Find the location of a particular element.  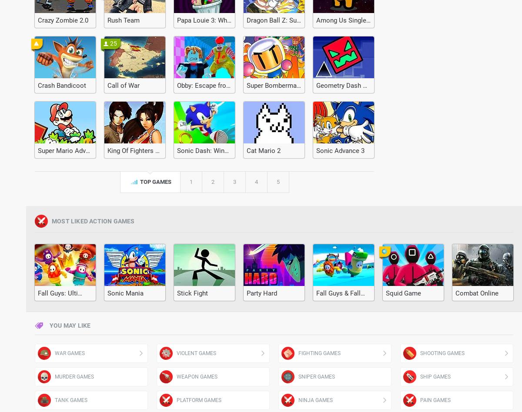

'Most liked Action Games' is located at coordinates (92, 221).